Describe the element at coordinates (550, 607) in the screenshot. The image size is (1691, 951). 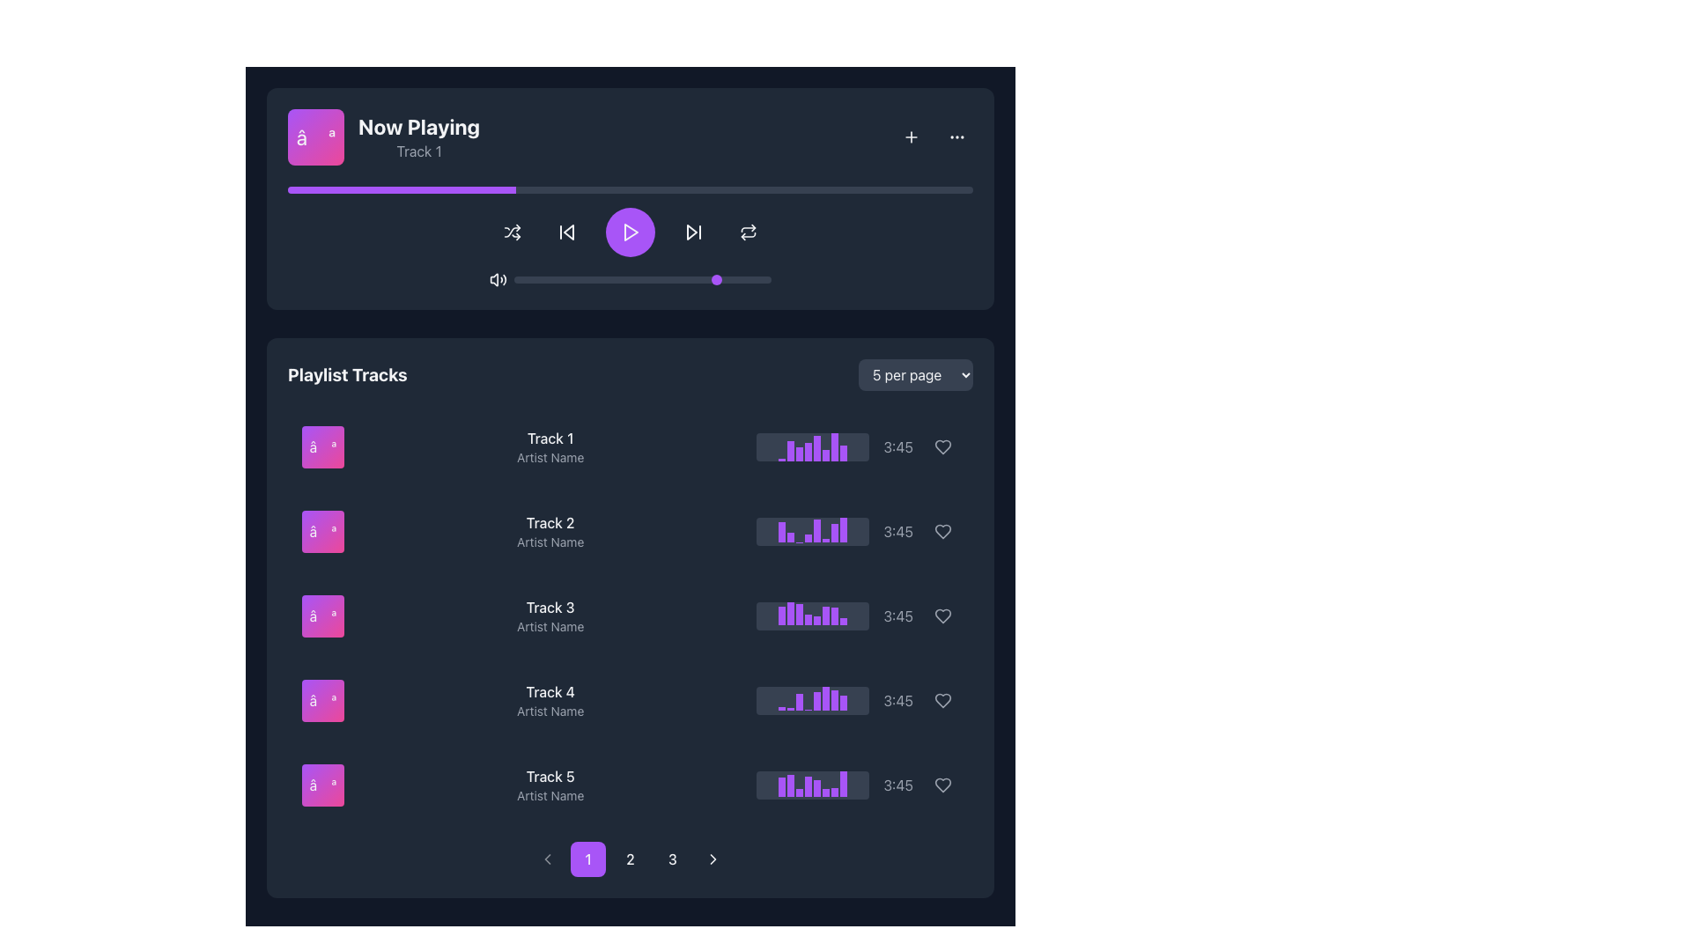
I see `the label displaying 'Track 3', which is the heading of the third track in the 'Playlist Tracks' section` at that location.